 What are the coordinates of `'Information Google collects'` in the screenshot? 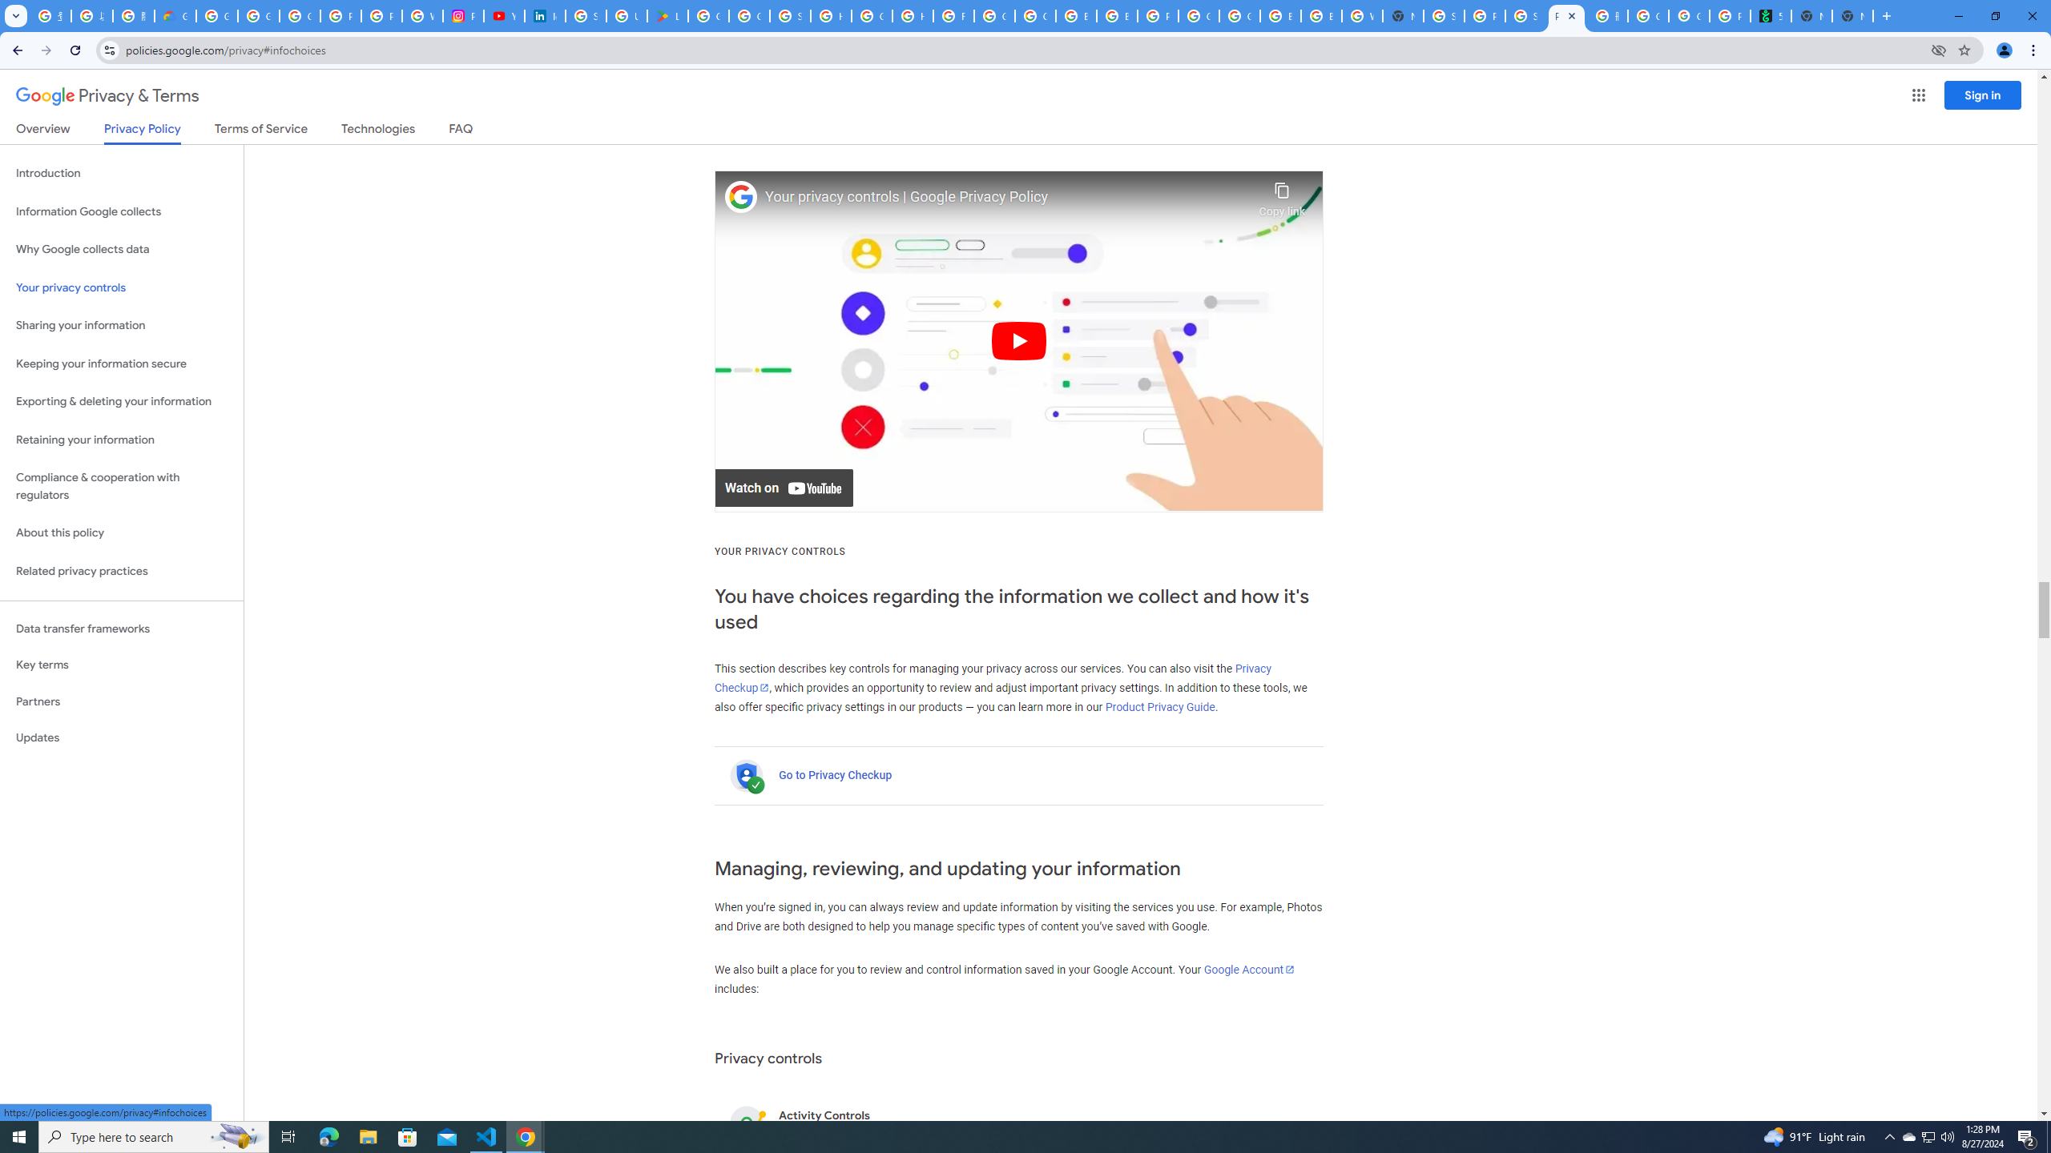 It's located at (121, 211).